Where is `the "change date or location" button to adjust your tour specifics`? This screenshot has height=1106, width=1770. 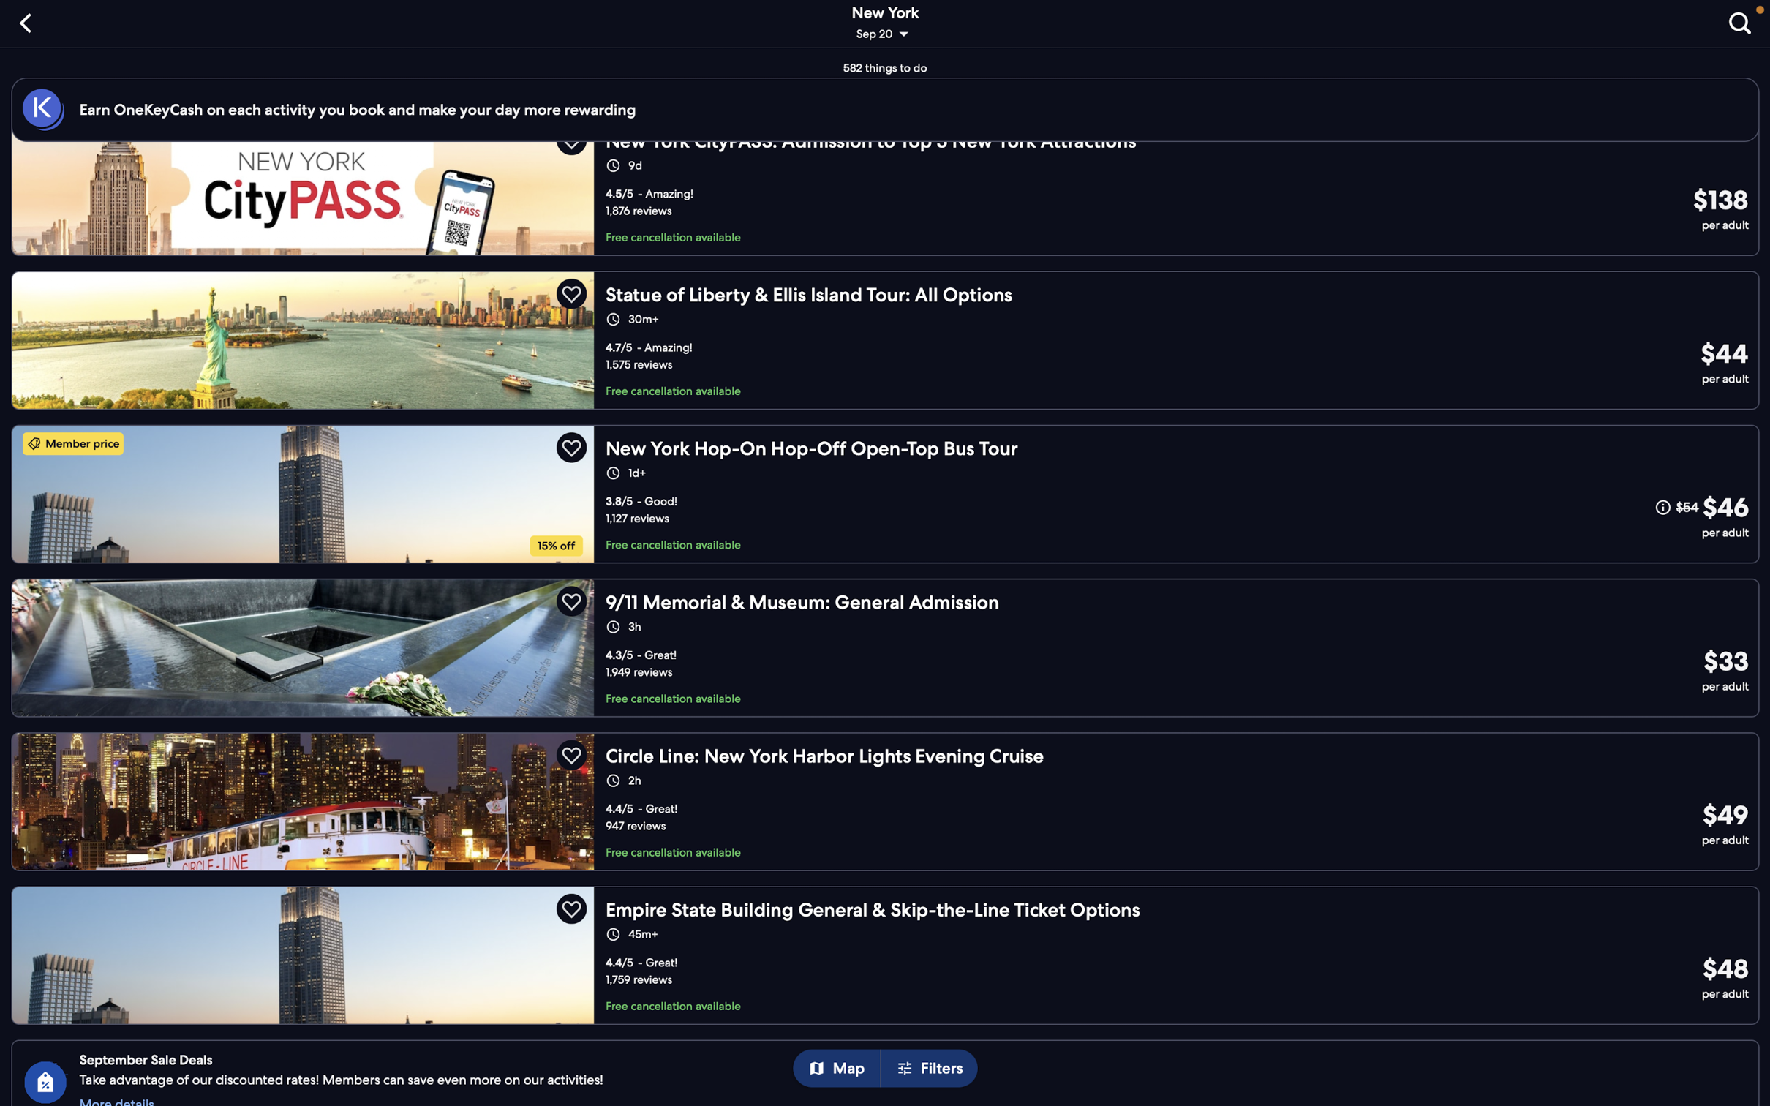 the "change date or location" button to adjust your tour specifics is located at coordinates (886, 25).